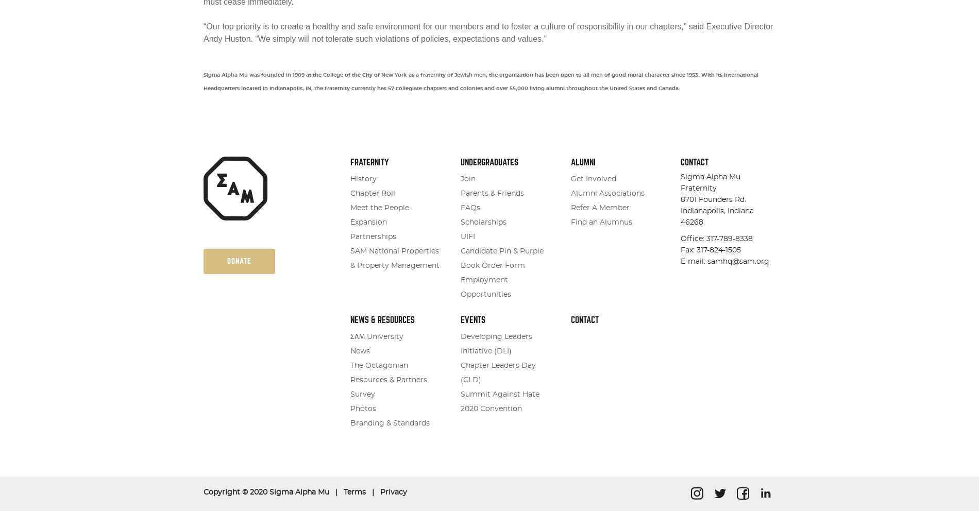 This screenshot has width=979, height=511. What do you see at coordinates (480, 82) in the screenshot?
I see `'Sigma Alpha Mu was founded in 1909 at the College of the City of New York as a fraternity of Jewish men; the organization has been open to all men of good moral character since 1953. With its International Headquarters located in Indianapolis, IN, the fraternity currently has 57 collegiate chapters and colonies and over 55,000 living alumni throughout the United States and Canada.'` at bounding box center [480, 82].